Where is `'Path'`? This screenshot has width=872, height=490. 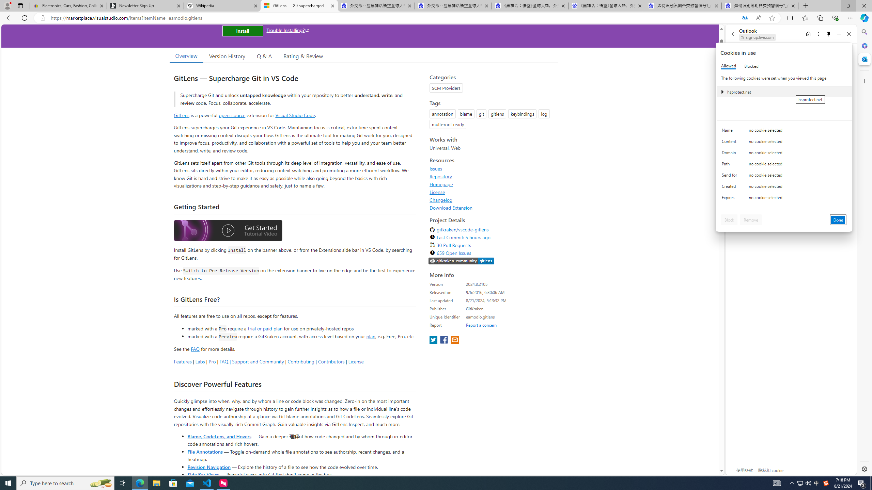 'Path' is located at coordinates (730, 165).